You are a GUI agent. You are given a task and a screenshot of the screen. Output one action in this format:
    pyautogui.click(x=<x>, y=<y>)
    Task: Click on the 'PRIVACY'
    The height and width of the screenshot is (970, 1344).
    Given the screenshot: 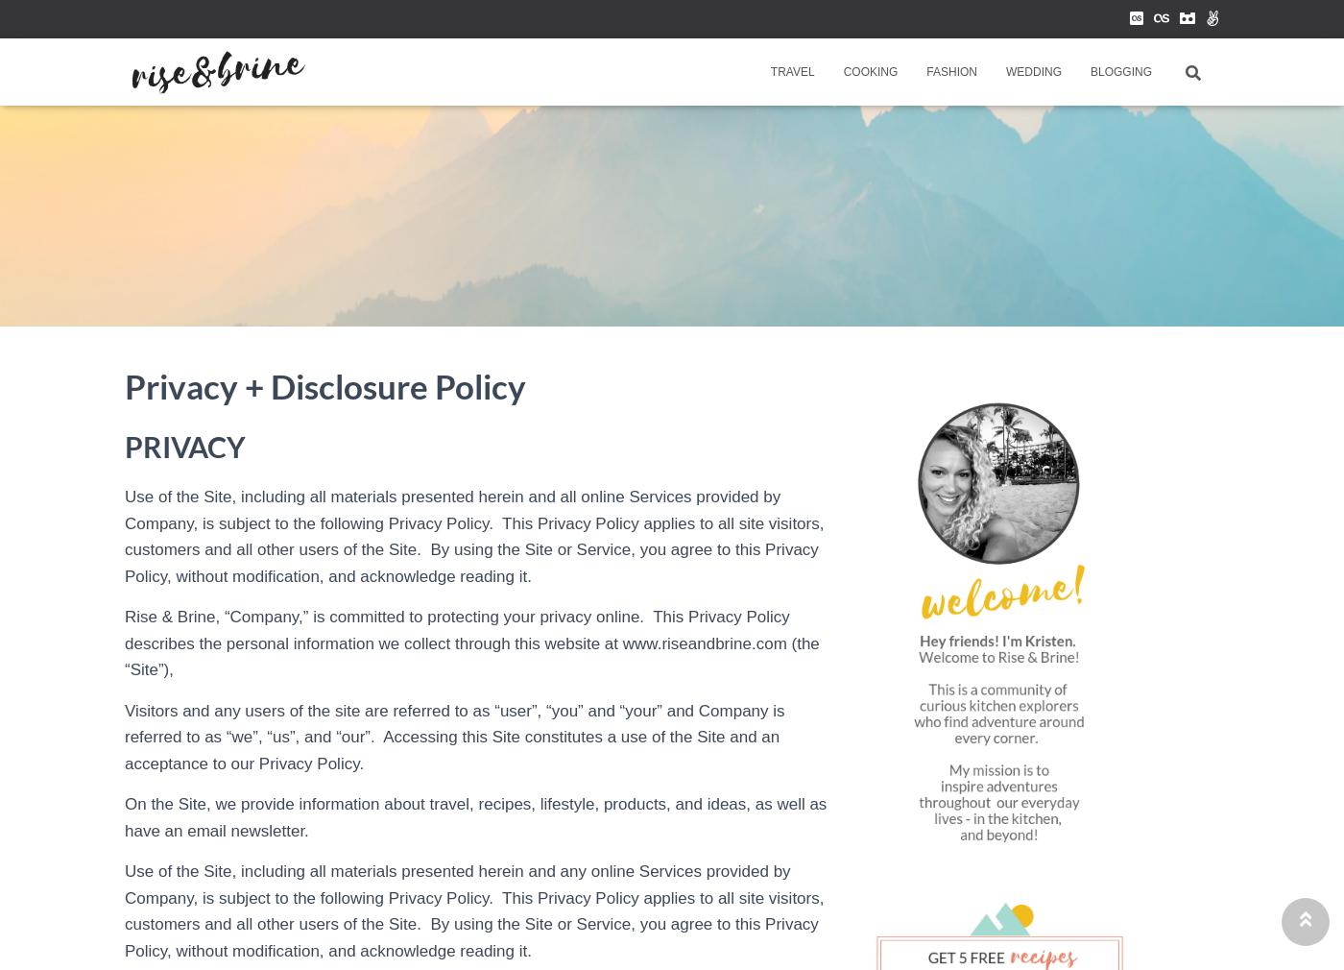 What is the action you would take?
    pyautogui.click(x=184, y=445)
    